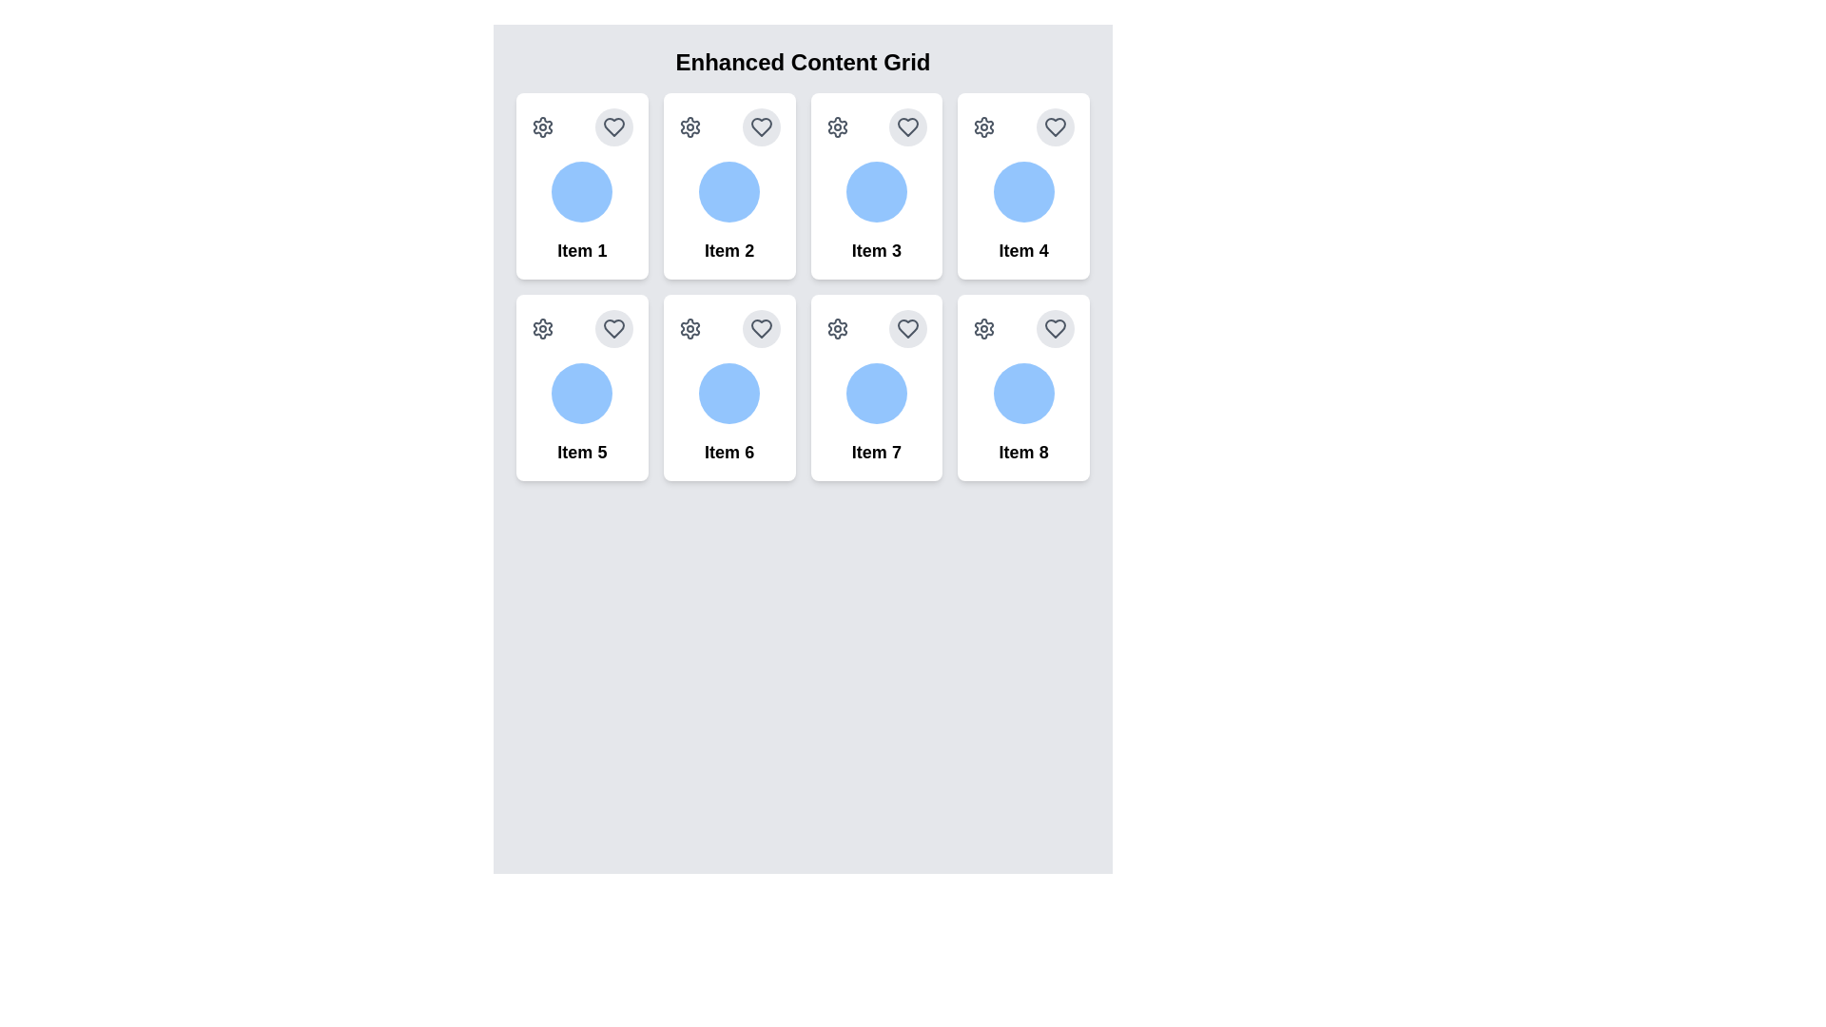 The height and width of the screenshot is (1027, 1826). I want to click on the heart-shaped icon with gray borders located at the top-right corner of Item 2's card, so click(761, 127).